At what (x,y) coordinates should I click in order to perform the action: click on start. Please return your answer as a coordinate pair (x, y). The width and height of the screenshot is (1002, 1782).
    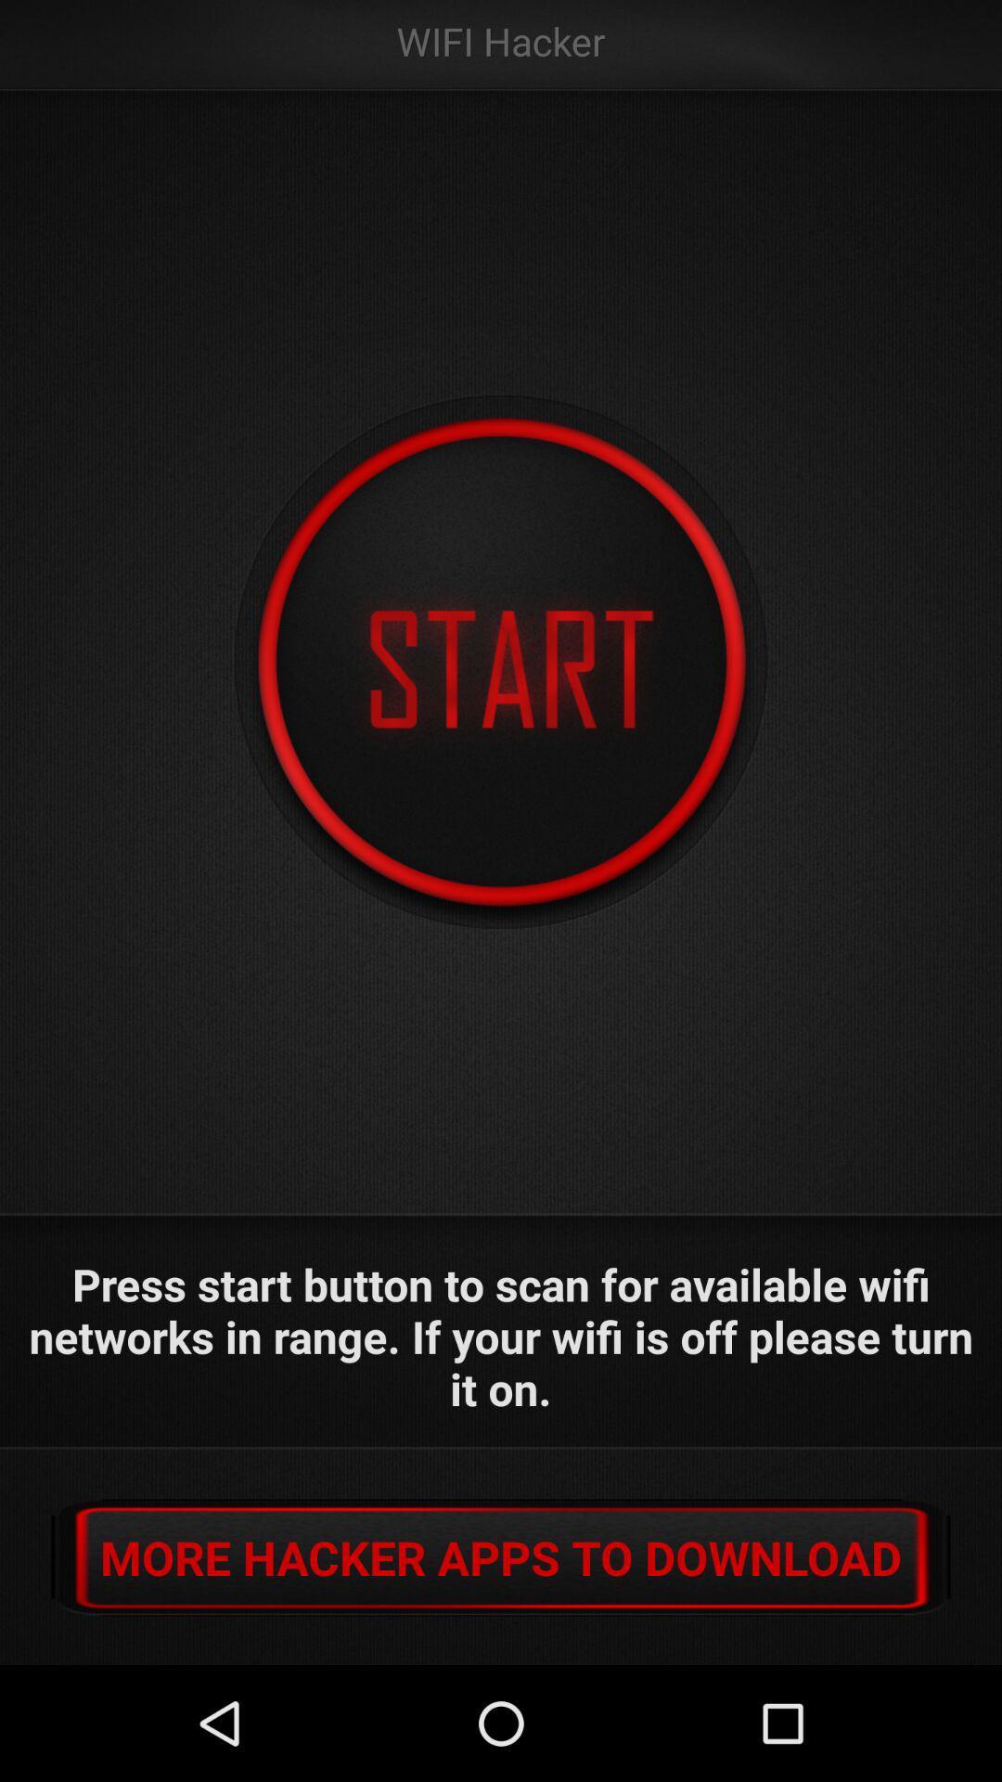
    Looking at the image, I should click on (501, 663).